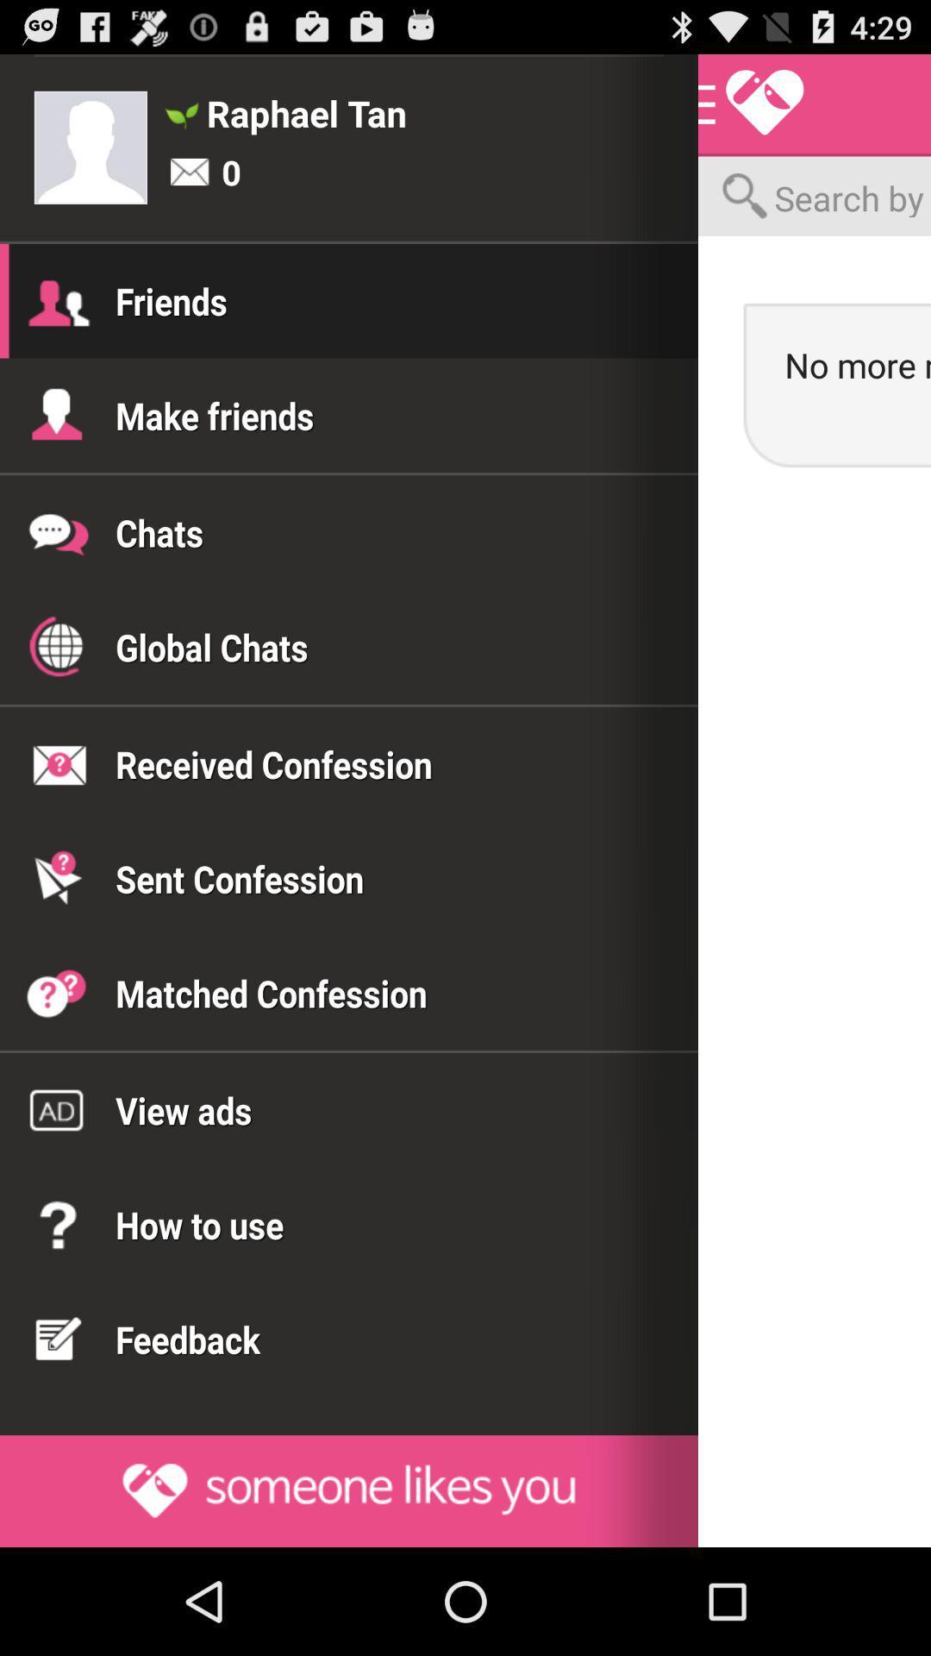 This screenshot has width=931, height=1656. I want to click on the avatar icon, so click(91, 158).